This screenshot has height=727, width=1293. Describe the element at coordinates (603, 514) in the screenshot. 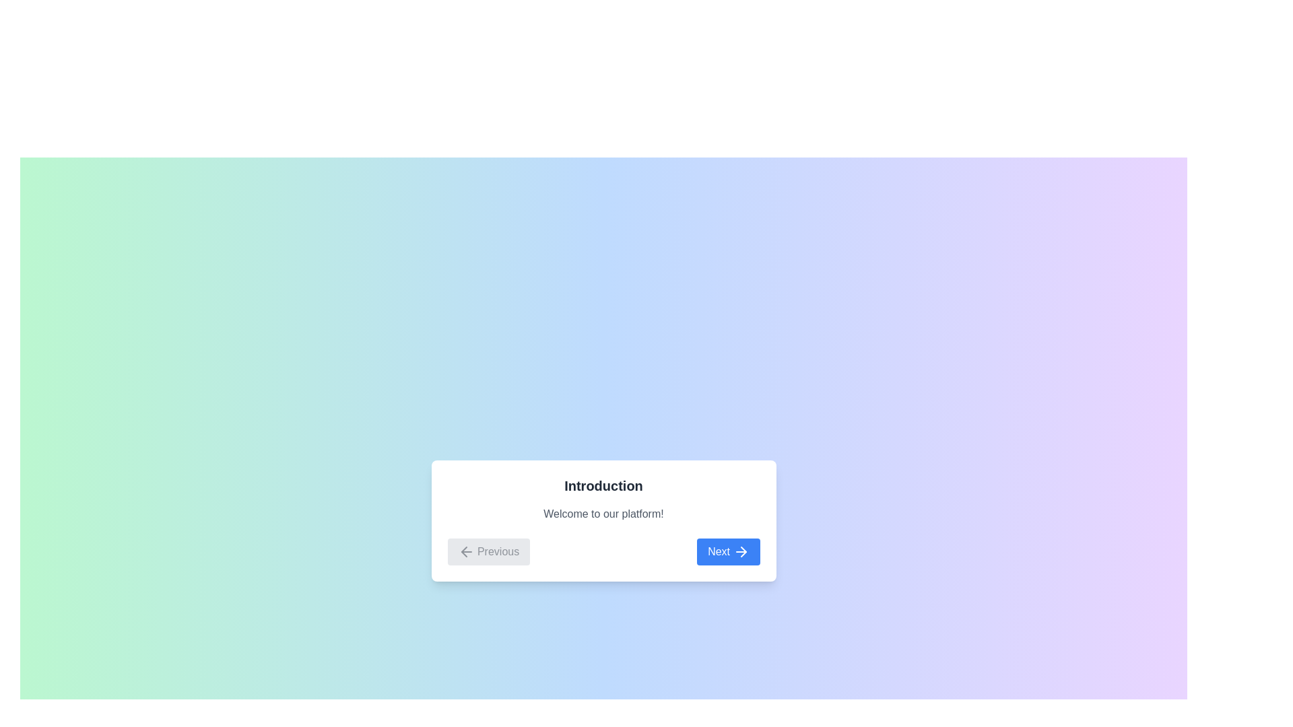

I see `the Static Text element displaying 'Welcome to our platform!' which is styled with a smaller font and grey color, located beneath the 'Introduction' heading` at that location.